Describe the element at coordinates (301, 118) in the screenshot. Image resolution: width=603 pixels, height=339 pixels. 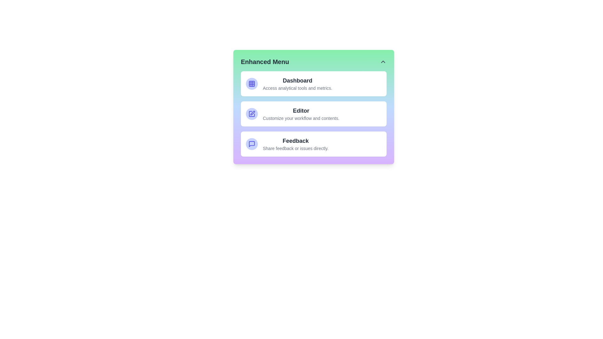
I see `the descriptive text under the menu item Editor` at that location.